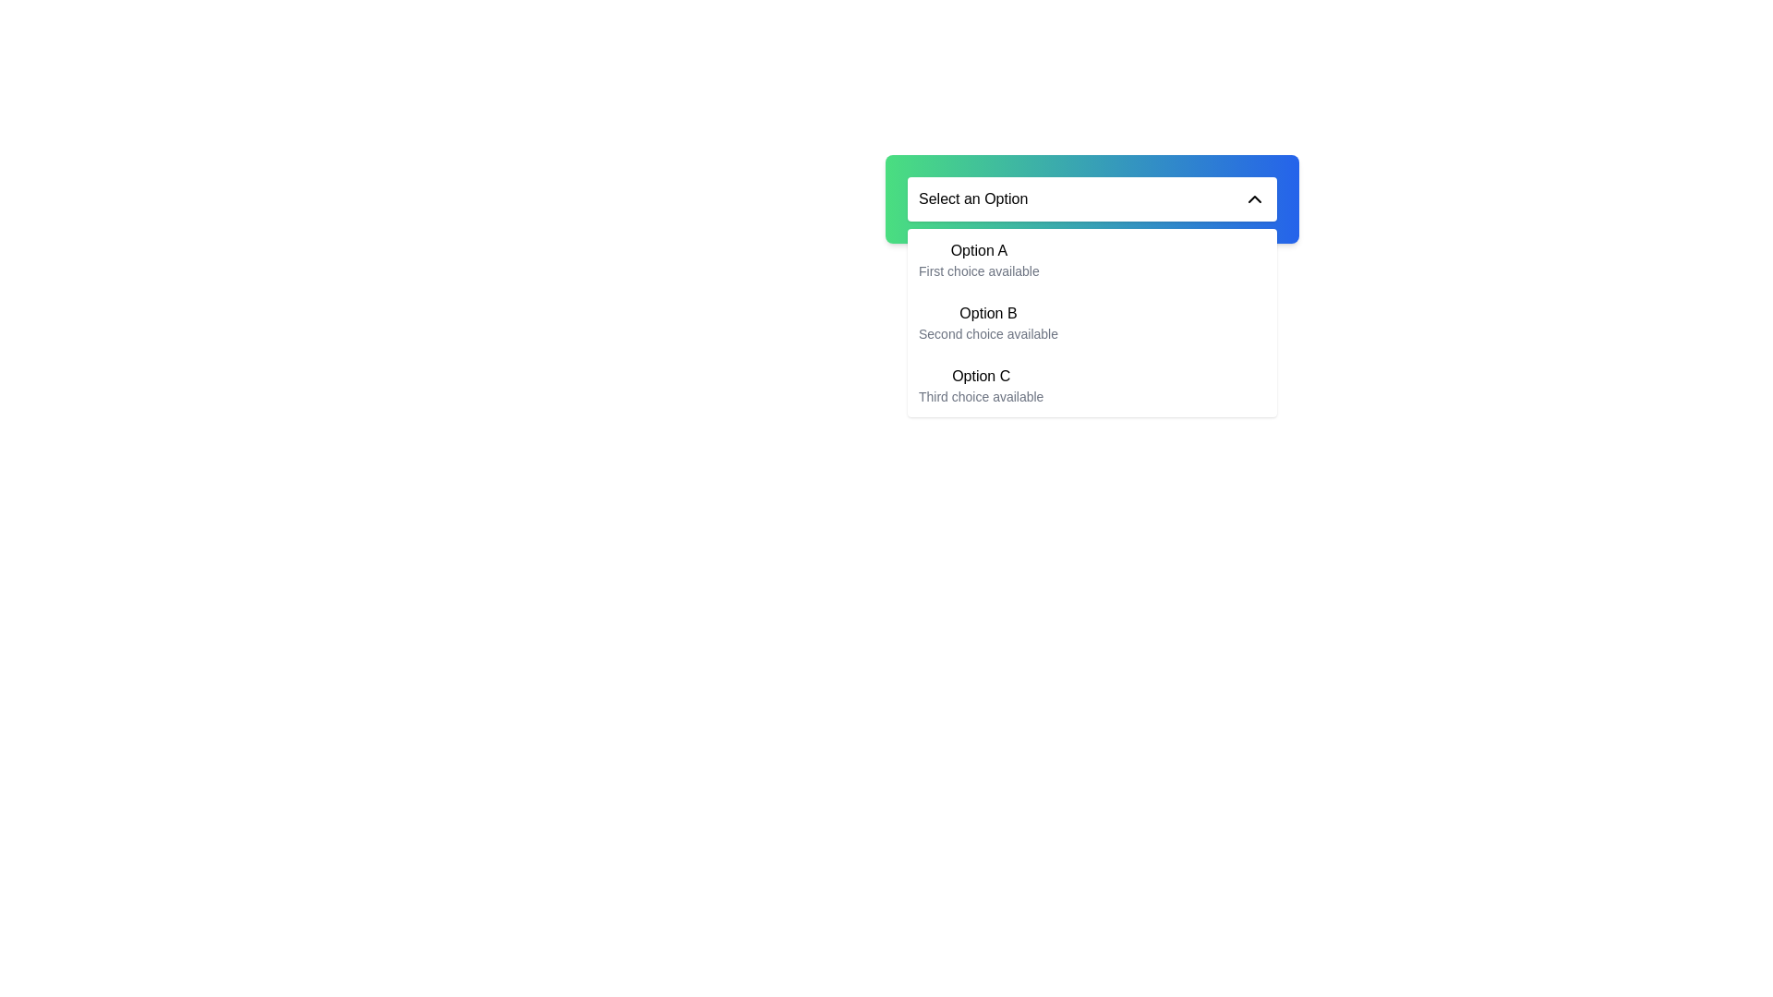 The image size is (1773, 997). Describe the element at coordinates (980, 376) in the screenshot. I see `bold text label 'Option C' within the dropdown menu to understand the selection choice` at that location.